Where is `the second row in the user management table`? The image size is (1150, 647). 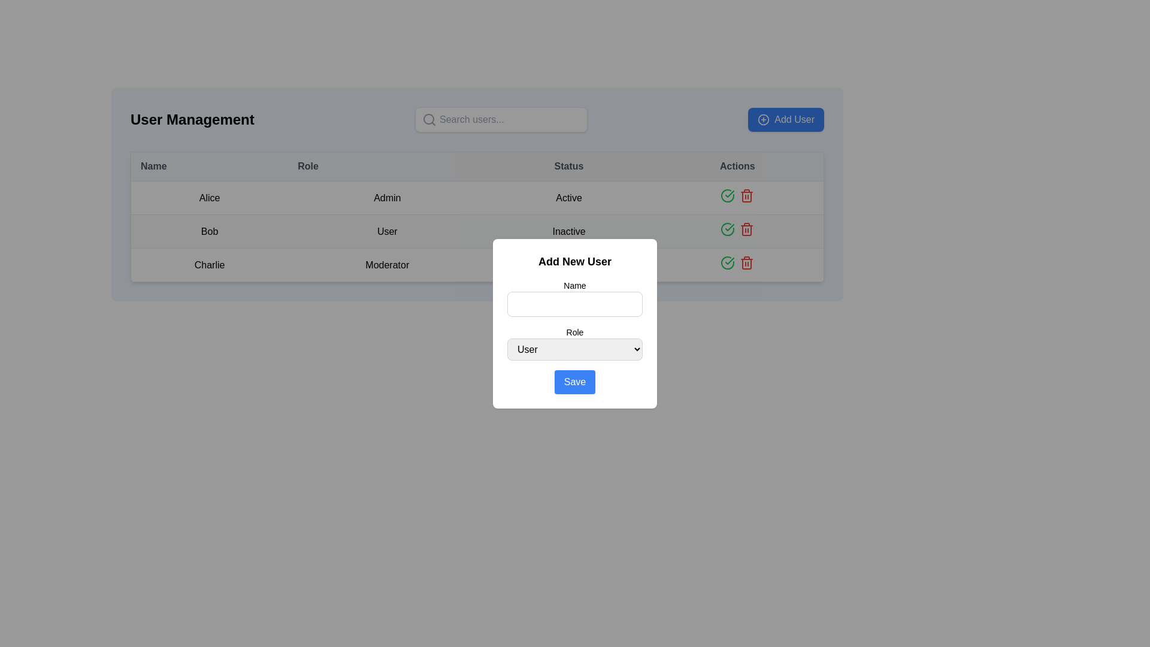
the second row in the user management table is located at coordinates (476, 231).